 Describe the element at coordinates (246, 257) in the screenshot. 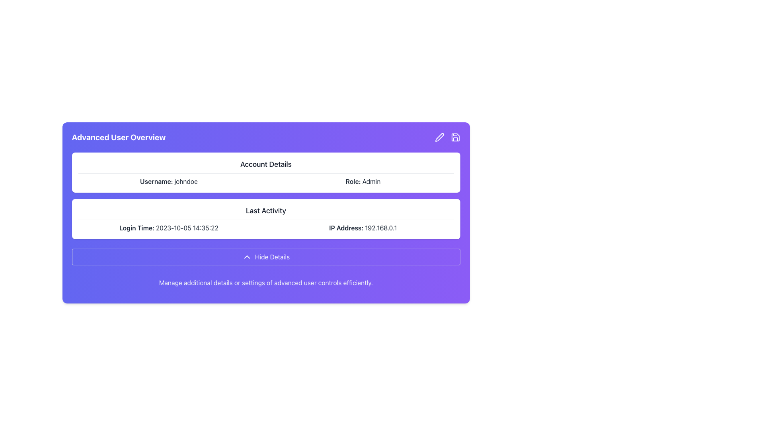

I see `the upward-pointing chevron icon with a minimal line design, which is white on a purple background, located inside the 'Hide Details' button at the center-left of the button's bounds` at that location.